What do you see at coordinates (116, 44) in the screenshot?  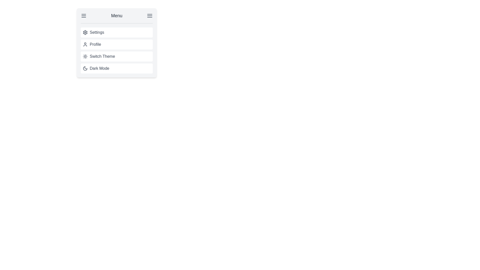 I see `the 'Profile' menu item, which is the second item in the vertical menu list` at bounding box center [116, 44].